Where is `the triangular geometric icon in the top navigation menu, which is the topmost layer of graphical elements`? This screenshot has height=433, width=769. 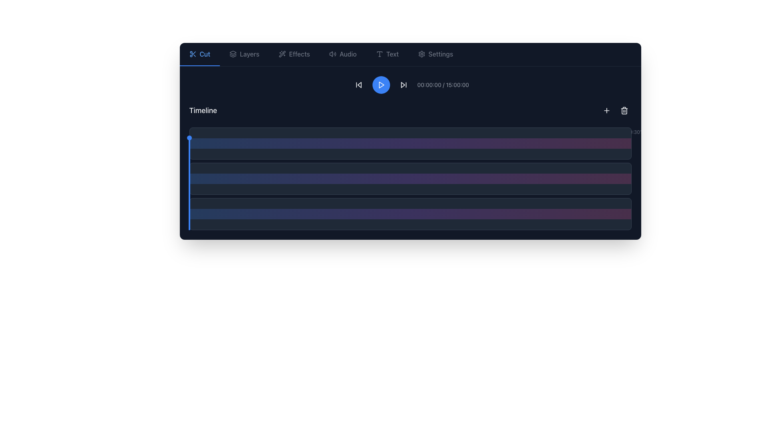 the triangular geometric icon in the top navigation menu, which is the topmost layer of graphical elements is located at coordinates (232, 53).